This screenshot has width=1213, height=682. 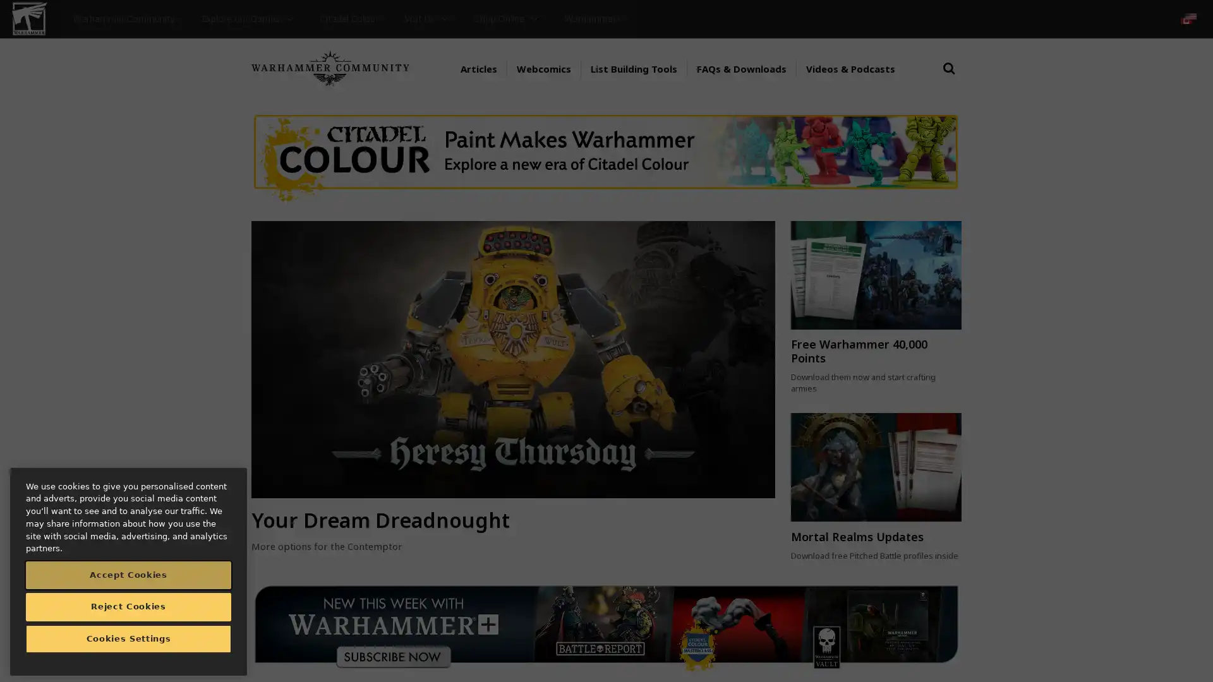 I want to click on Search, so click(x=949, y=80).